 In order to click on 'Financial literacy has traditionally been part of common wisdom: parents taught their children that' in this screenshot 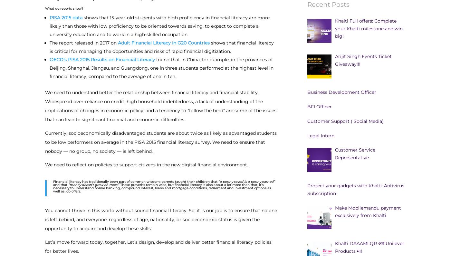, I will do `click(136, 181)`.